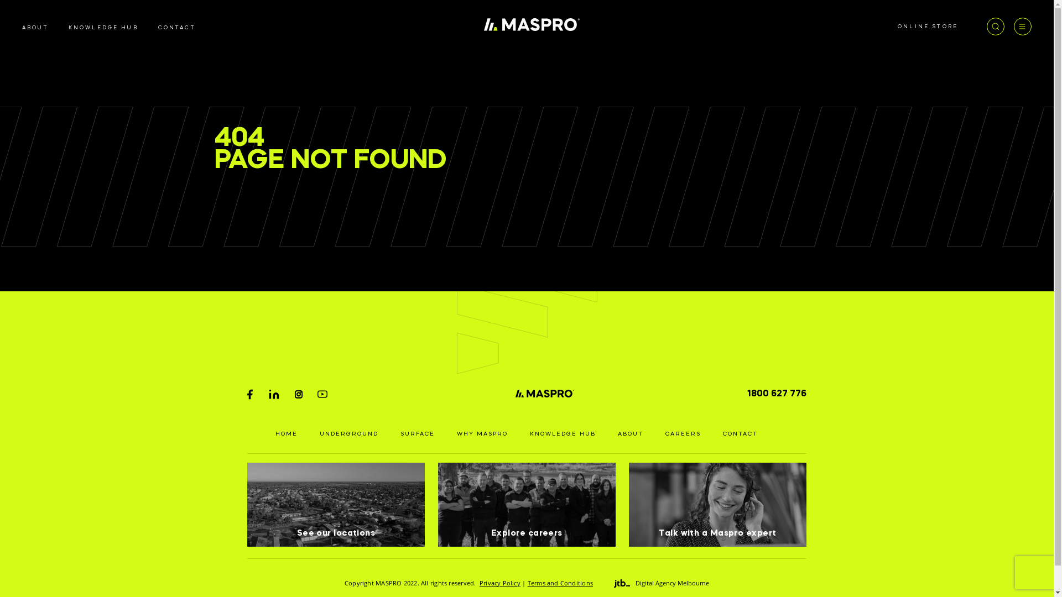  What do you see at coordinates (287, 433) in the screenshot?
I see `'HOME'` at bounding box center [287, 433].